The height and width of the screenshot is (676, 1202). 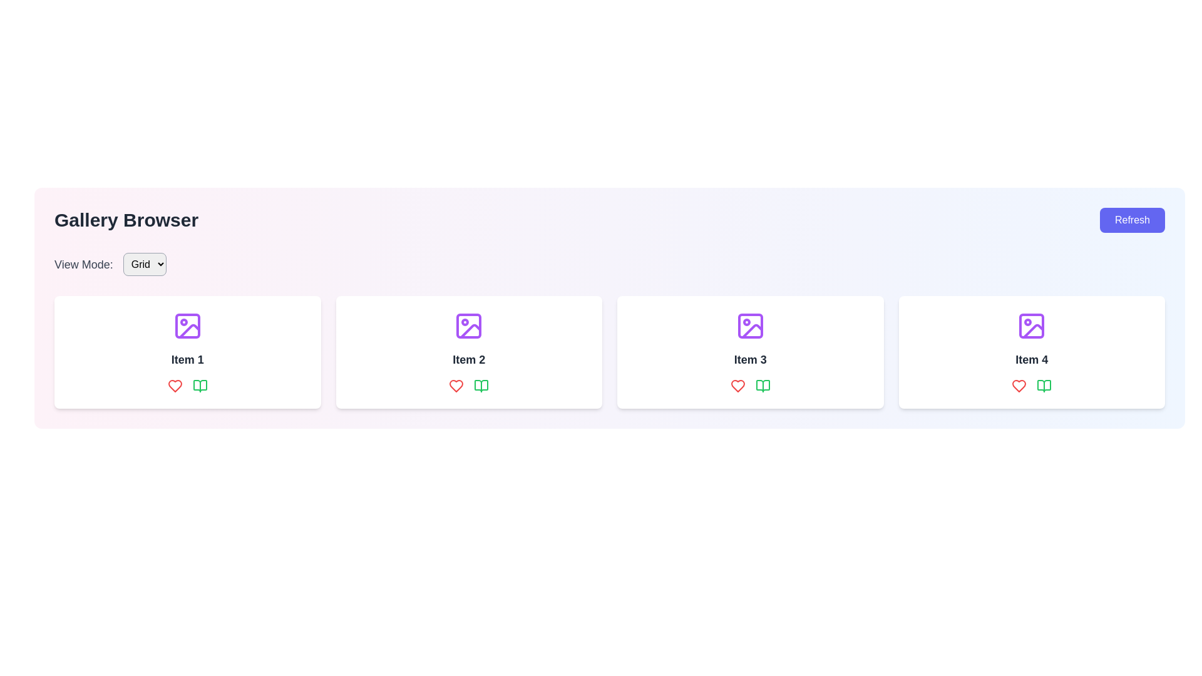 What do you see at coordinates (1044, 386) in the screenshot?
I see `the green icon button located to the right of the red heart icon in the fourth item card at the bottom of the card` at bounding box center [1044, 386].